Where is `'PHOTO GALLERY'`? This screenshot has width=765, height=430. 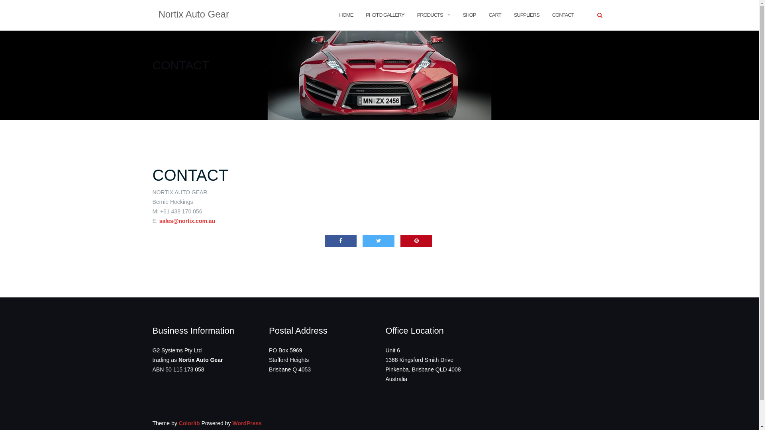
'PHOTO GALLERY' is located at coordinates (384, 15).